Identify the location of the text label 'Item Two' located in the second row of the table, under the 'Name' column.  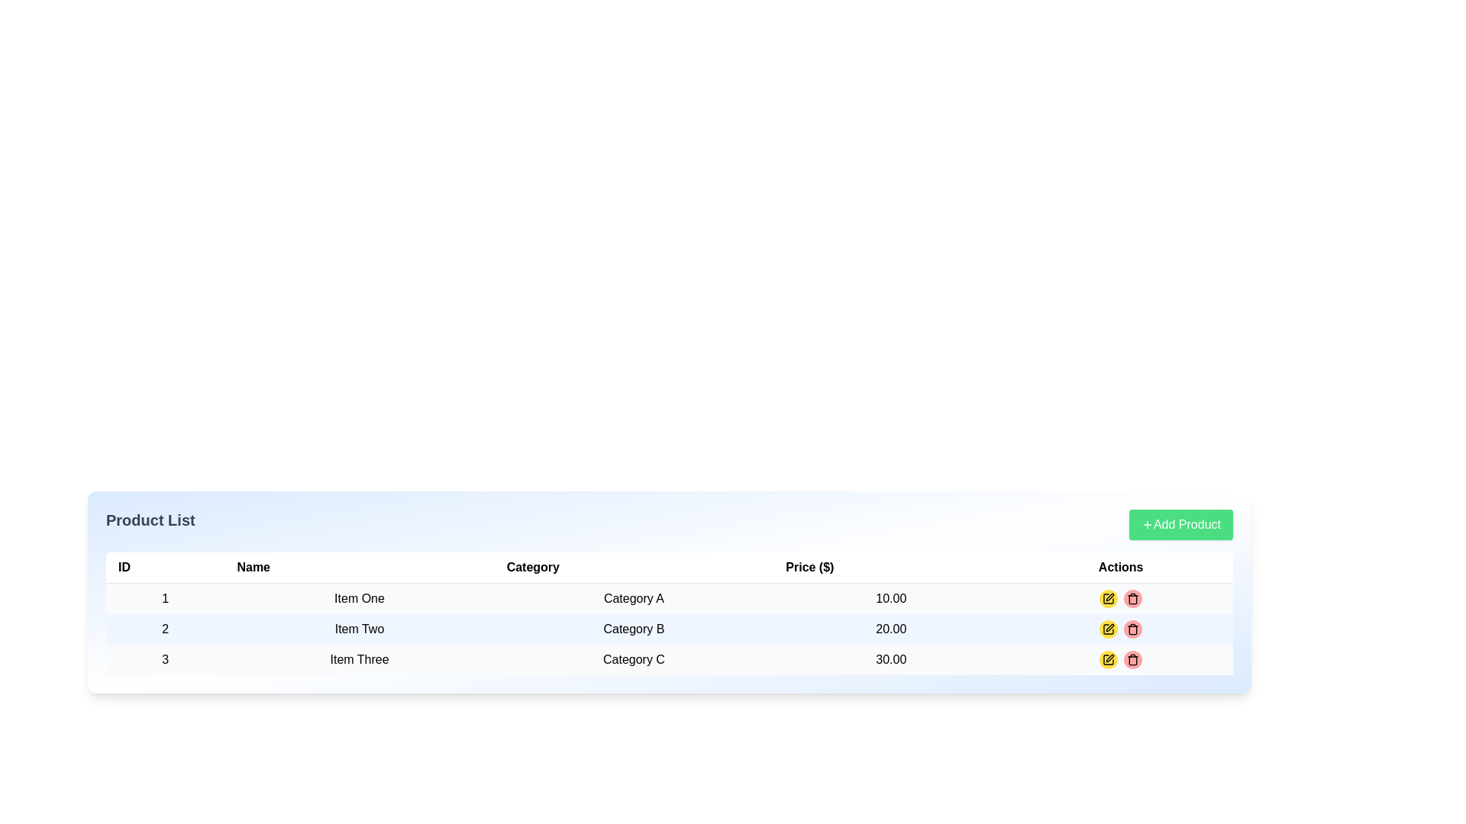
(358, 629).